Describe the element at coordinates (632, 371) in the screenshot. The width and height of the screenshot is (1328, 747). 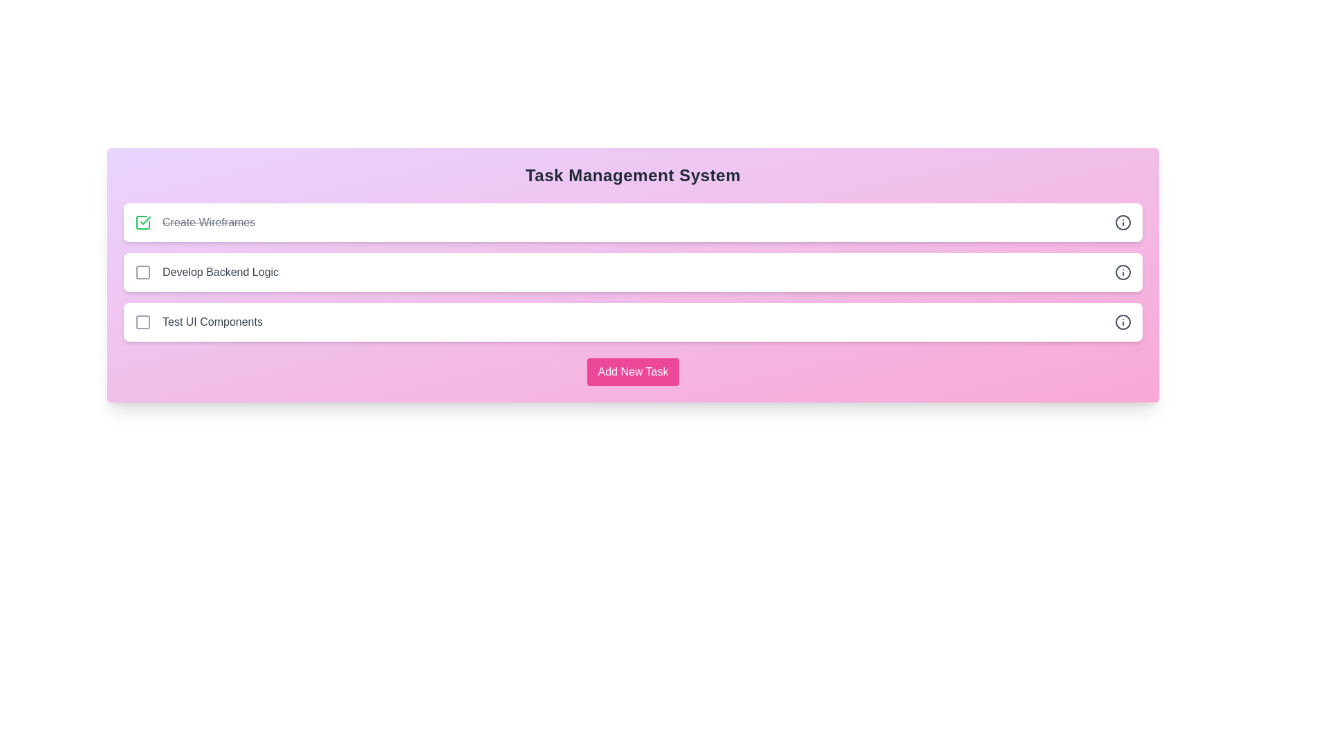
I see `'Add New Task' button to initiate the task addition process` at that location.